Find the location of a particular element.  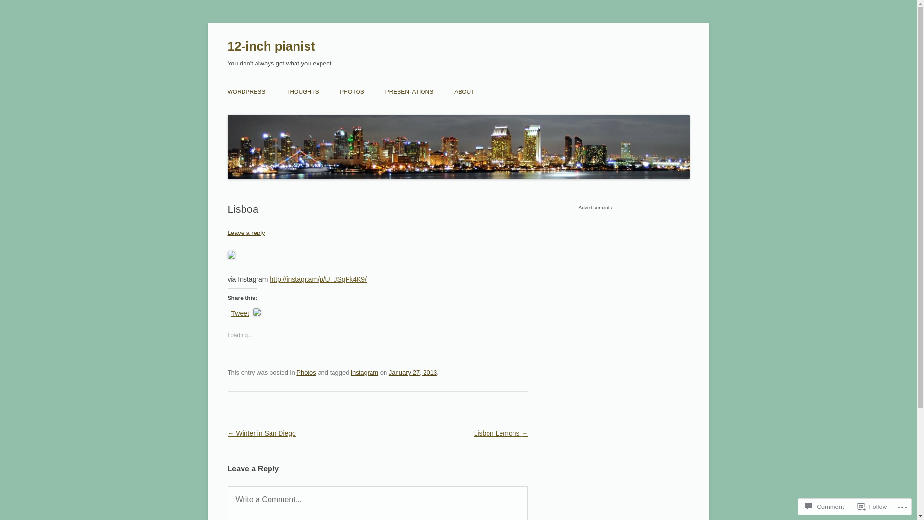

'Photos' is located at coordinates (306, 372).